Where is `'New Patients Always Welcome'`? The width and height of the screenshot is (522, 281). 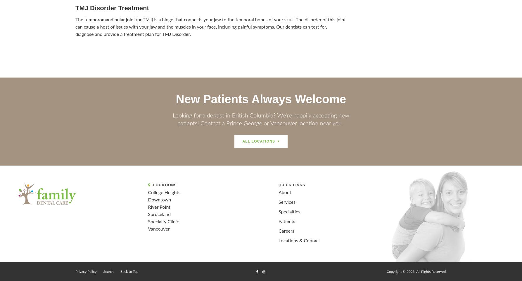
'New Patients Always Welcome' is located at coordinates (260, 99).